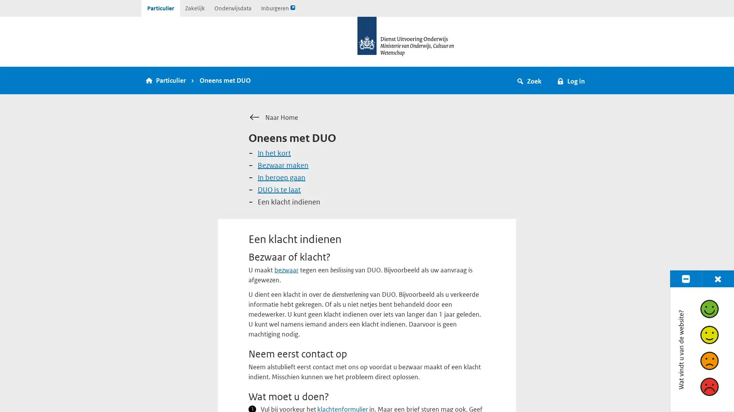  What do you see at coordinates (708, 308) in the screenshot?
I see `Goed` at bounding box center [708, 308].